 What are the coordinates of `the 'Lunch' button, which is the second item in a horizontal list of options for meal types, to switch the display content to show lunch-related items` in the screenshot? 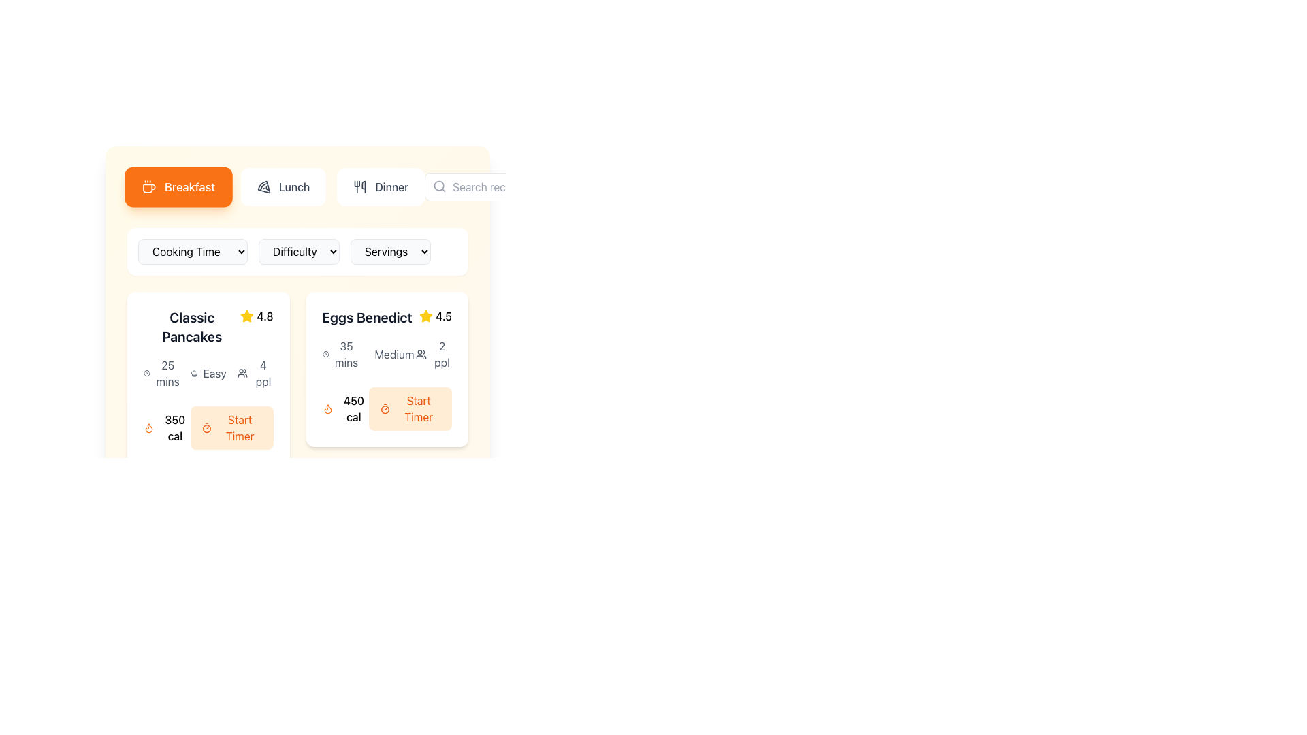 It's located at (283, 186).